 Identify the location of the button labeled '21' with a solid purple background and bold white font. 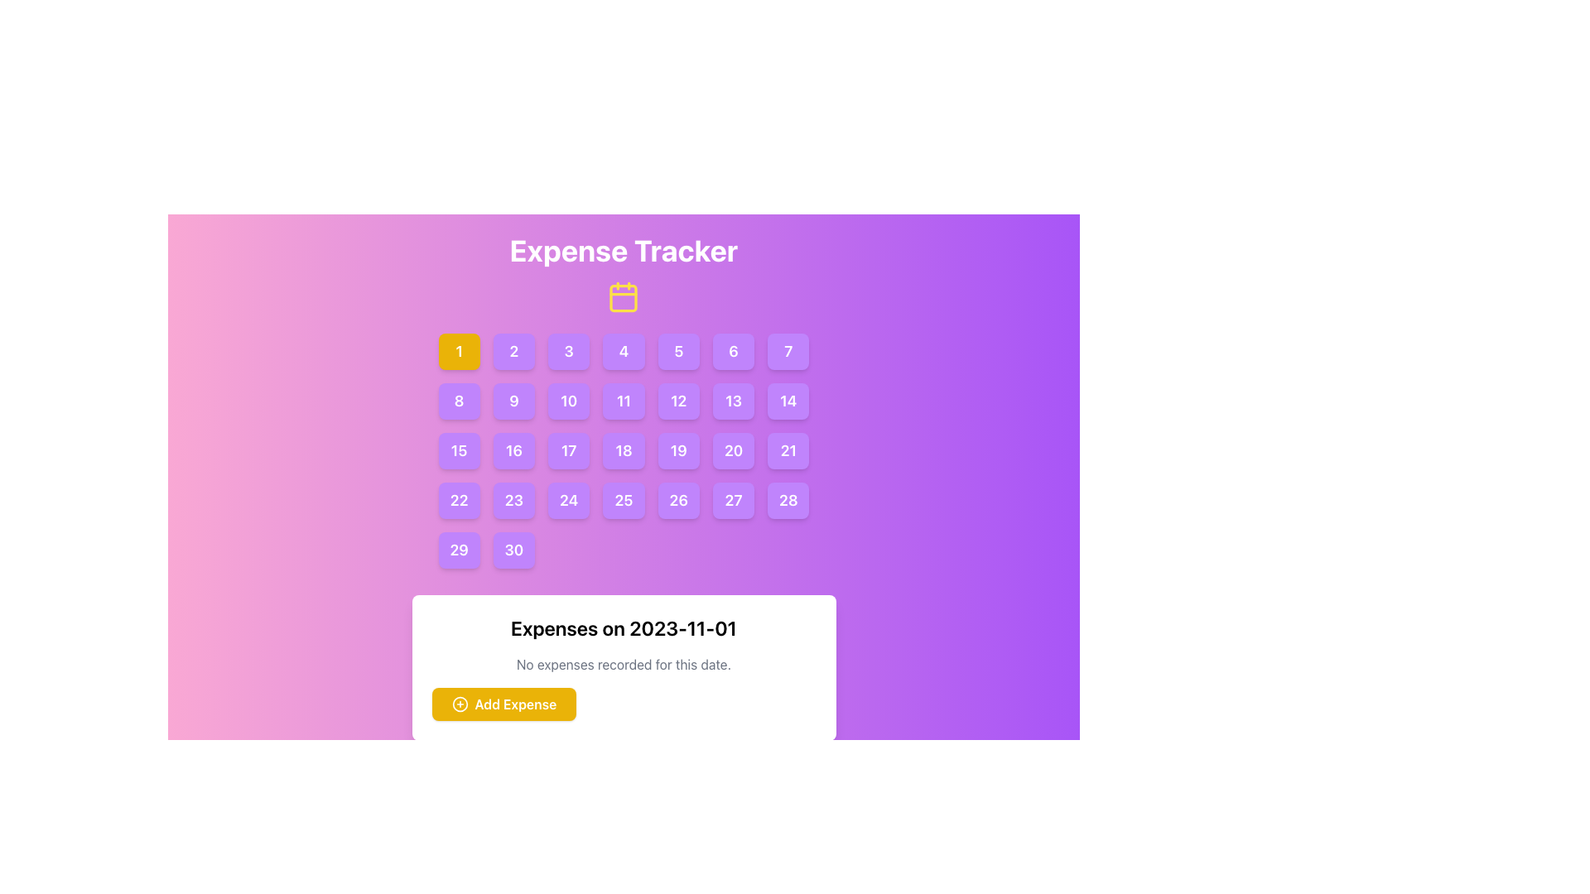
(788, 450).